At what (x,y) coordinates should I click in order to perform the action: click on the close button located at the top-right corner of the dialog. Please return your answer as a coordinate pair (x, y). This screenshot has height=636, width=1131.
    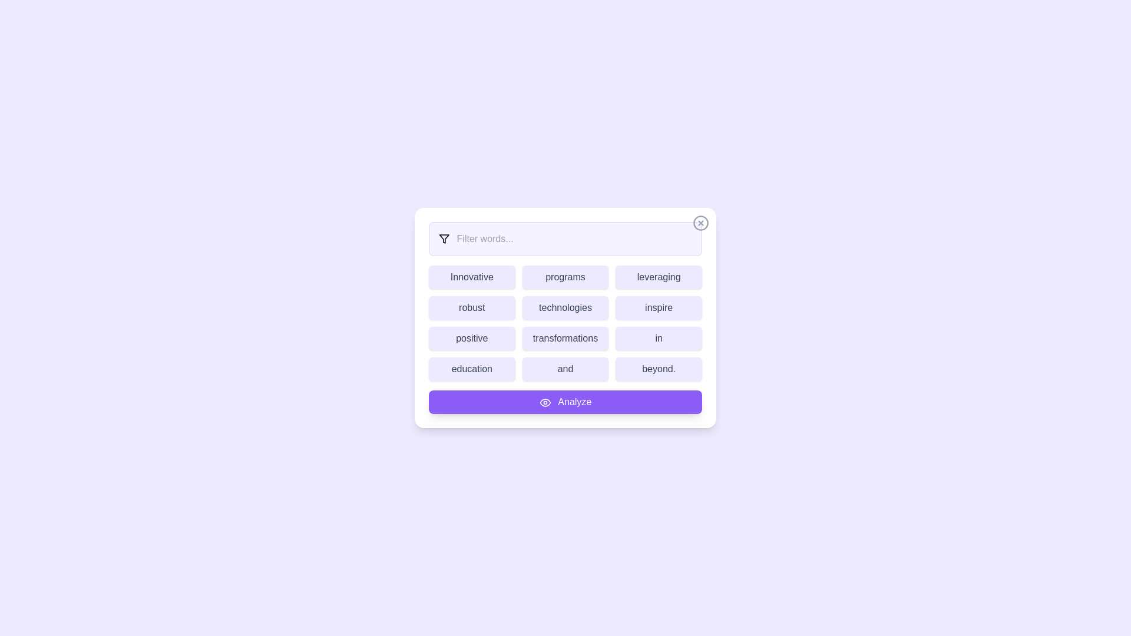
    Looking at the image, I should click on (701, 223).